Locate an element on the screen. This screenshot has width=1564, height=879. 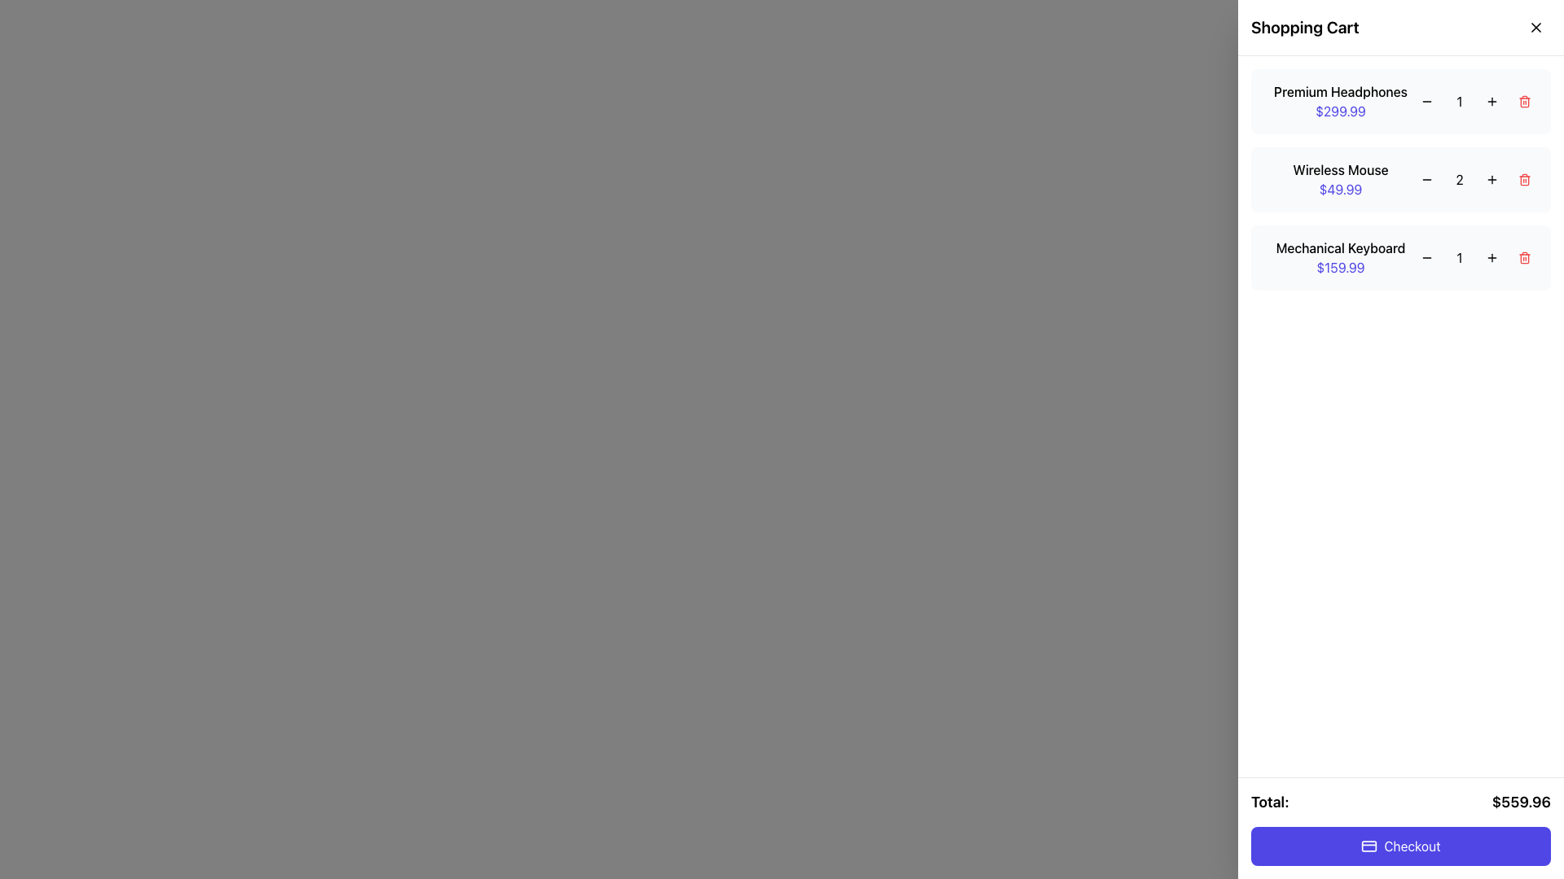
the trash can icon located on the far-right side of the shopping cart item entry for 'Wireless Mouse' is located at coordinates (1524, 179).